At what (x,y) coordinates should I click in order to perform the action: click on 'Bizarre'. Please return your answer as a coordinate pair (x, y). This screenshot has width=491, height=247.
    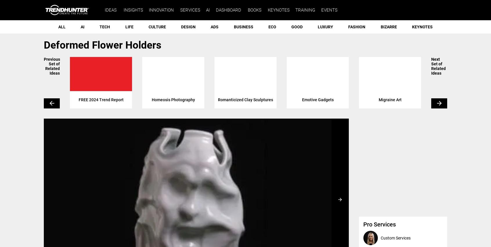
    Looking at the image, I should click on (380, 27).